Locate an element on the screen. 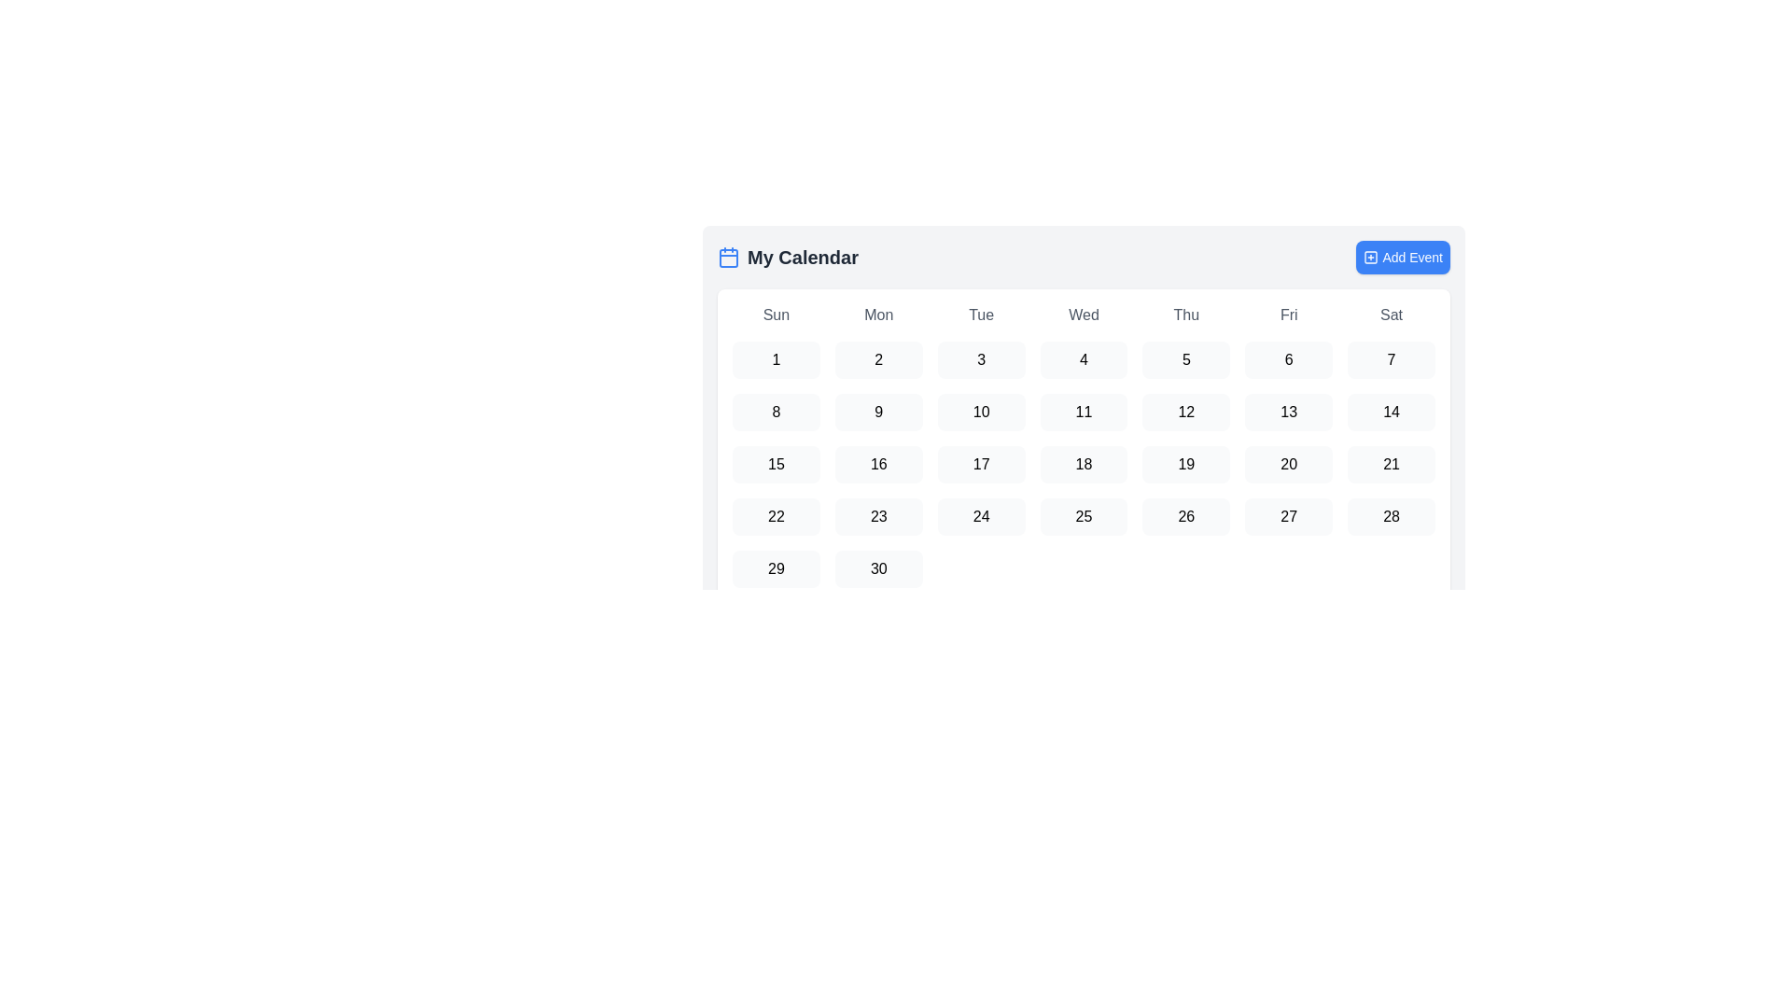  the text label displaying 'Sun' in a small gray font, which is the first entry in a row of weekday labels in the weekly calendar layout is located at coordinates (776, 315).